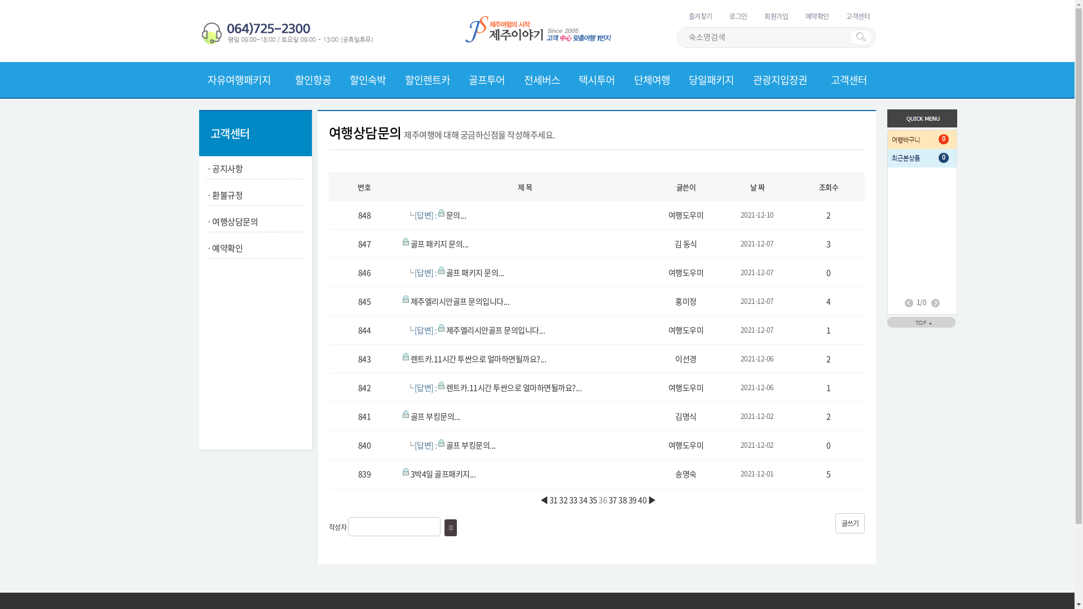 The height and width of the screenshot is (609, 1083). I want to click on '31', so click(554, 499).